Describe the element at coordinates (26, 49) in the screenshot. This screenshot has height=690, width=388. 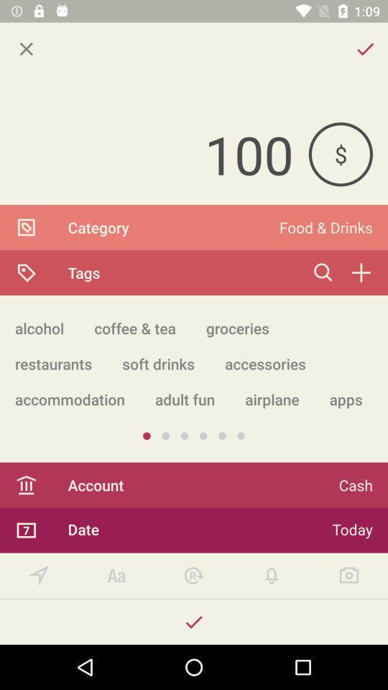
I see `exit the page` at that location.